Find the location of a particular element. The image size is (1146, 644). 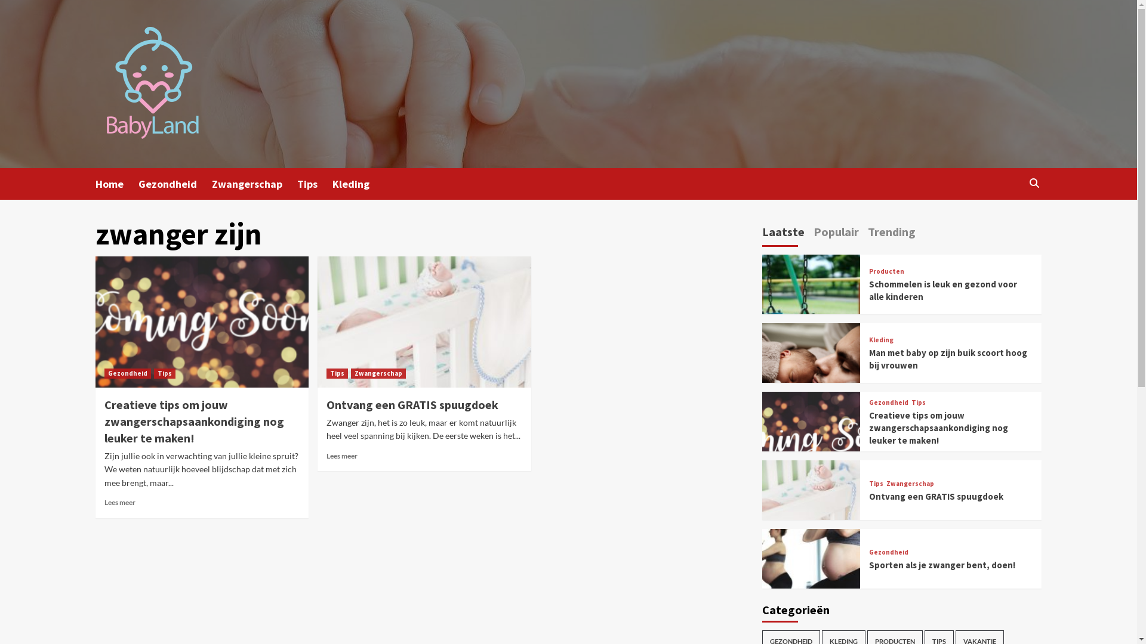

'Trending' is located at coordinates (891, 234).